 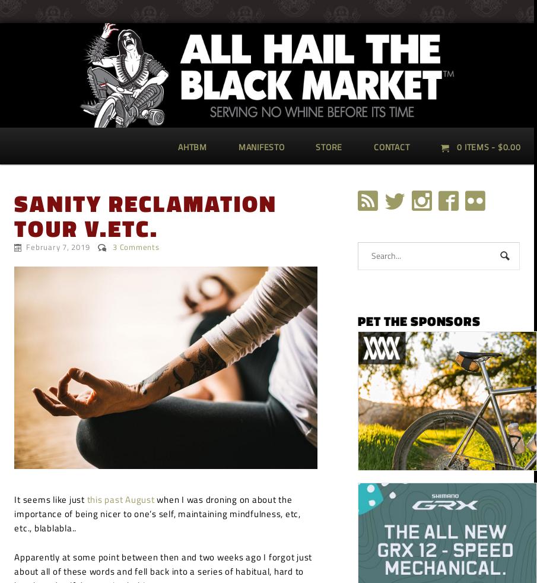 What do you see at coordinates (499, 146) in the screenshot?
I see `'$'` at bounding box center [499, 146].